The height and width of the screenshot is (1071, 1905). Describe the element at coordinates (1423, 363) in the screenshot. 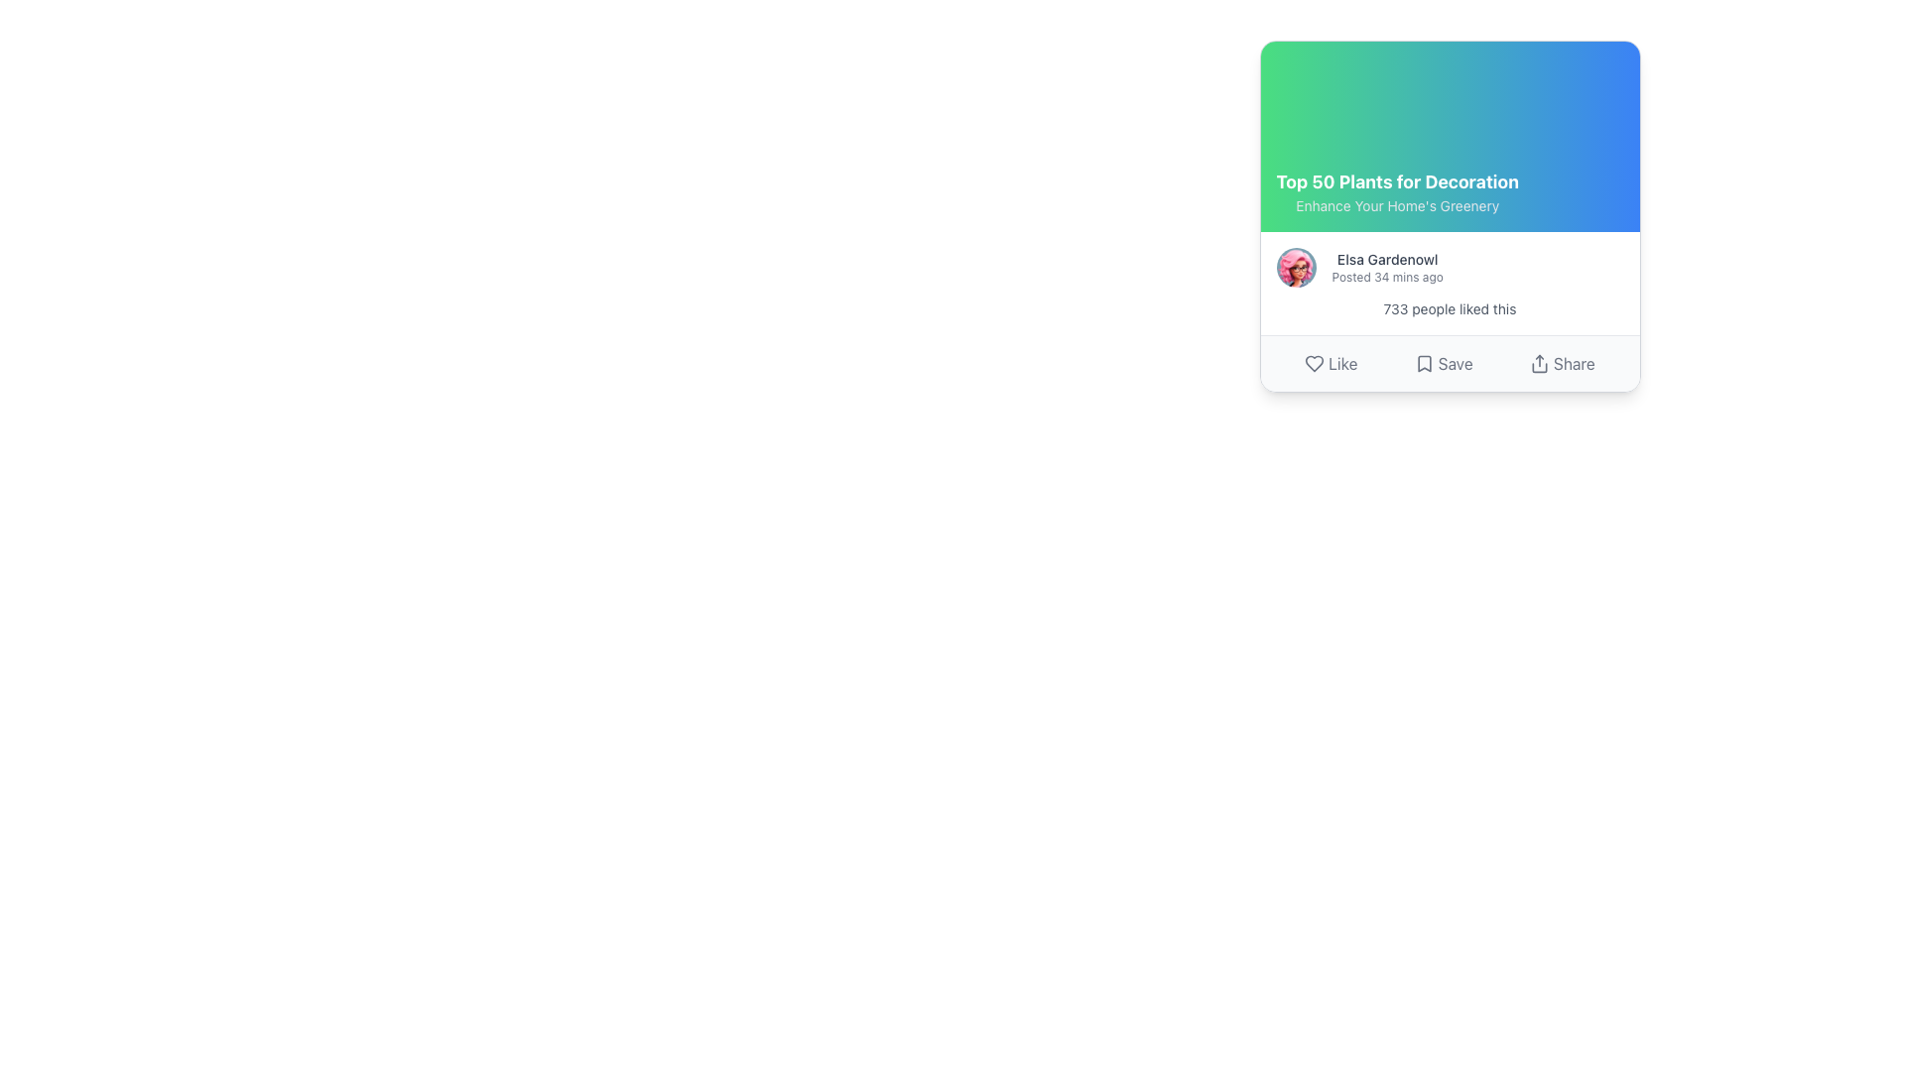

I see `the bookmark icon, which is the middle icon in a row of three interactive options below the user profile section of the card` at that location.